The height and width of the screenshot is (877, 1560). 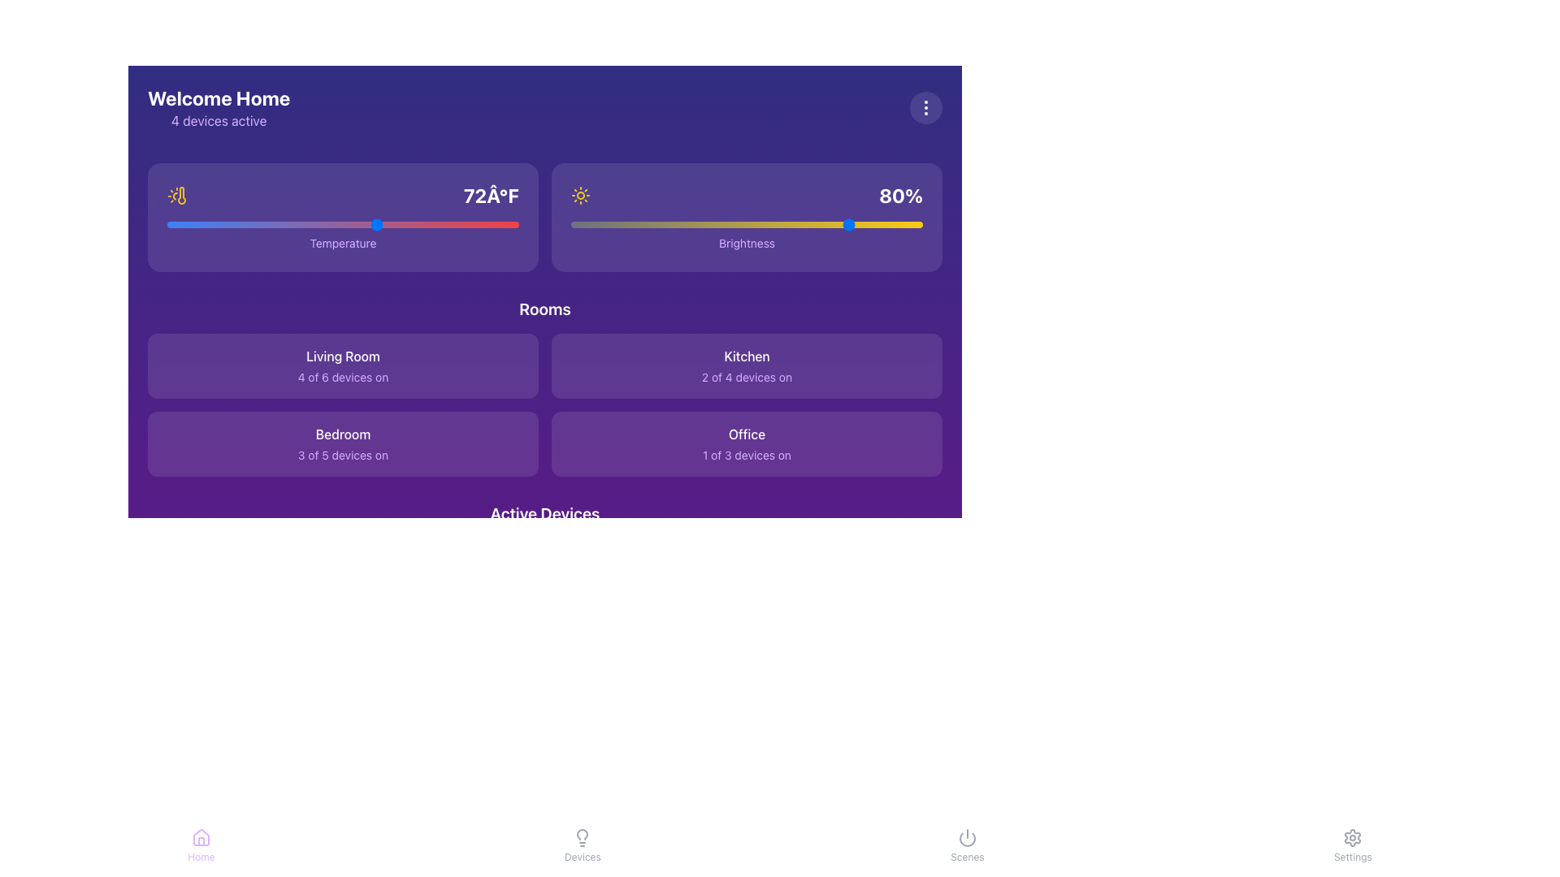 I want to click on brightness level, so click(x=605, y=225).